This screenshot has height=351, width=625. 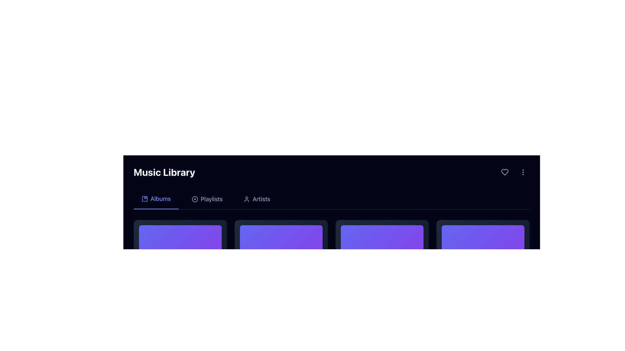 What do you see at coordinates (504, 172) in the screenshot?
I see `the heart icon located at the top right corner of the main application interface to mark an item as a favorite` at bounding box center [504, 172].